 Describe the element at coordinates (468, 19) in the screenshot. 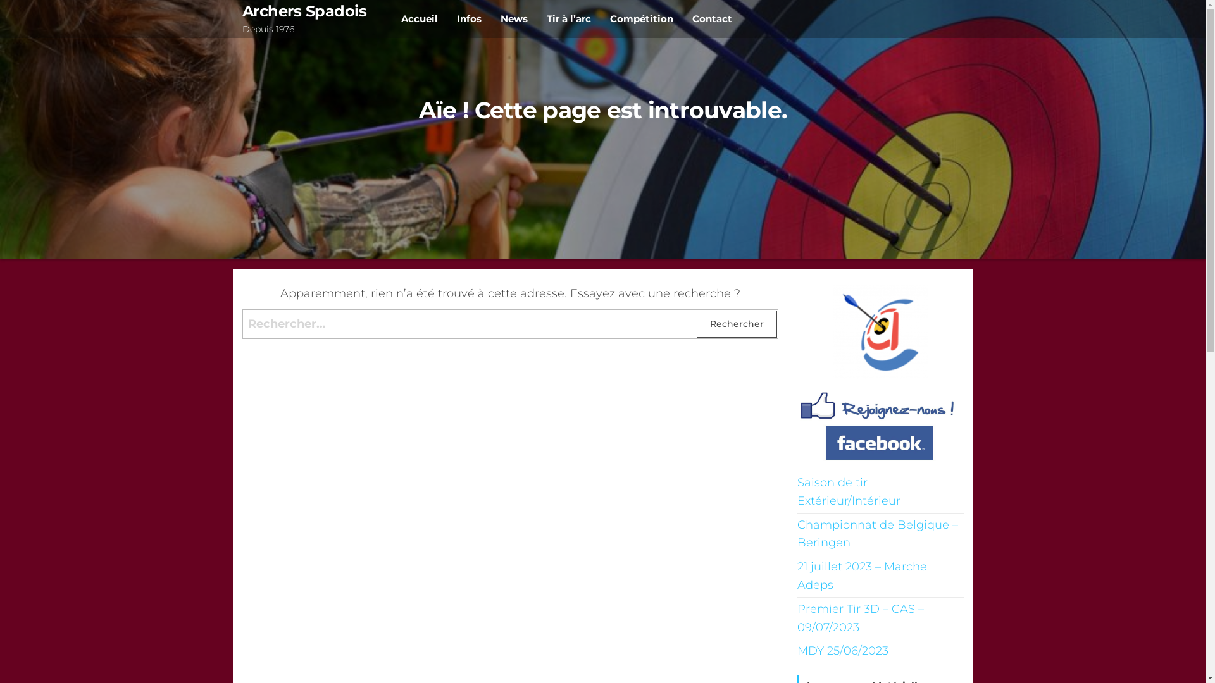

I see `'Infos'` at that location.